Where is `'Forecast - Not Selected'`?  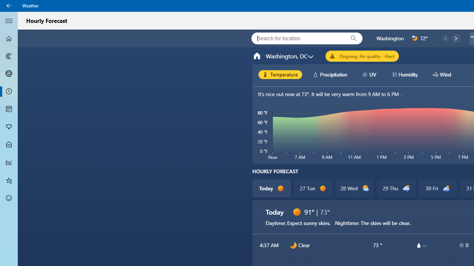
'Forecast - Not Selected' is located at coordinates (9, 38).